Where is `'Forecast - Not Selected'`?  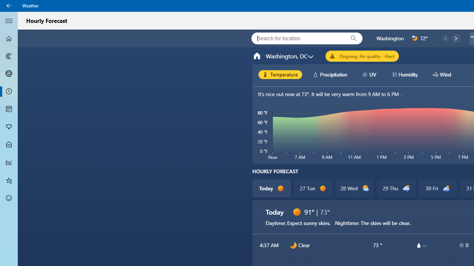
'Forecast - Not Selected' is located at coordinates (9, 38).